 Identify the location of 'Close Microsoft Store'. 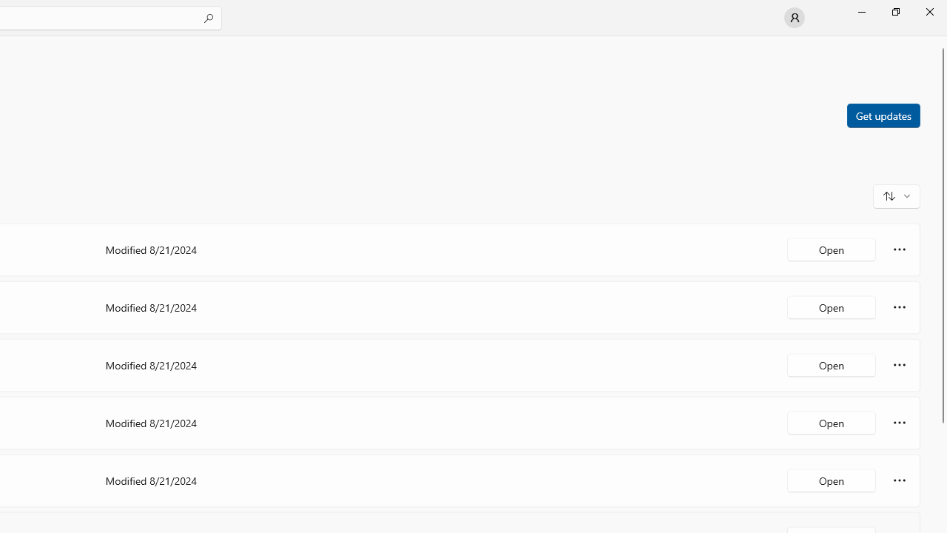
(929, 11).